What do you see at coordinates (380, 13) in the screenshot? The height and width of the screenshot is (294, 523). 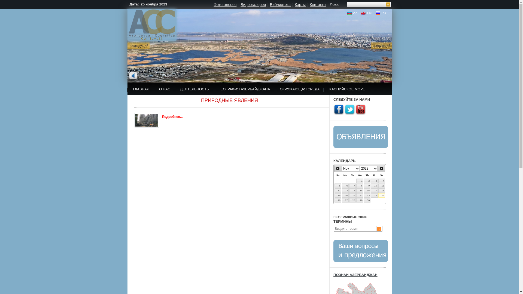 I see `'RU'` at bounding box center [380, 13].